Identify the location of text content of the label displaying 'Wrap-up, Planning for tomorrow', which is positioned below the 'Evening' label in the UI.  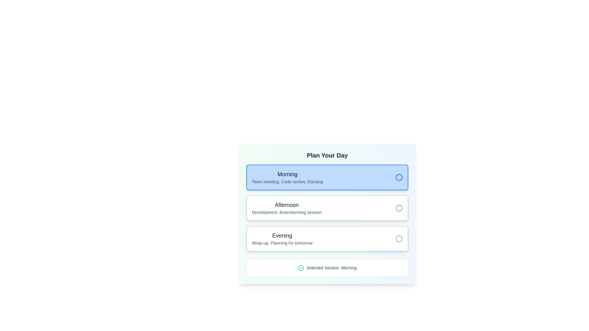
(282, 243).